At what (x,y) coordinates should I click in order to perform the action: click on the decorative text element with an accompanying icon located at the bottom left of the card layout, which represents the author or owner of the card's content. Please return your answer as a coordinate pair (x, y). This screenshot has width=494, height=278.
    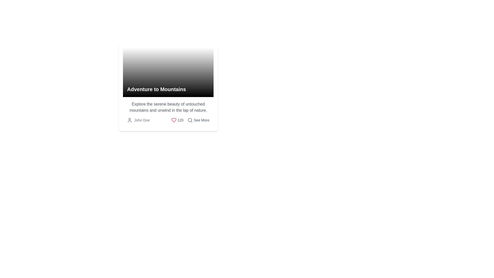
    Looking at the image, I should click on (138, 120).